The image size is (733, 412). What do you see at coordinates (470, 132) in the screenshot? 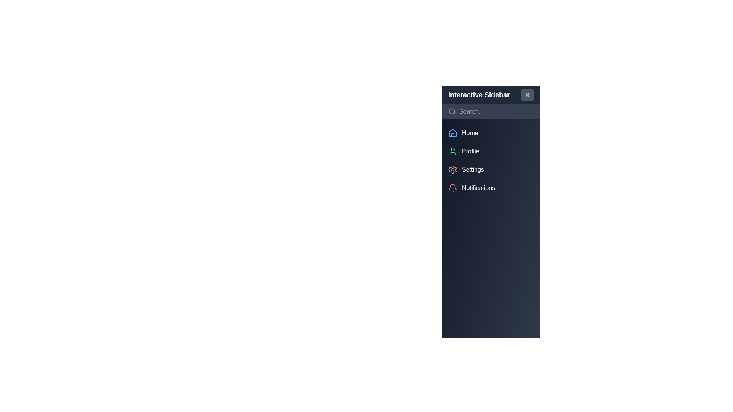
I see `the text label that identifies the navigation link to the 'Home' section of the application, which is located in the top section of the sidebar interface` at bounding box center [470, 132].